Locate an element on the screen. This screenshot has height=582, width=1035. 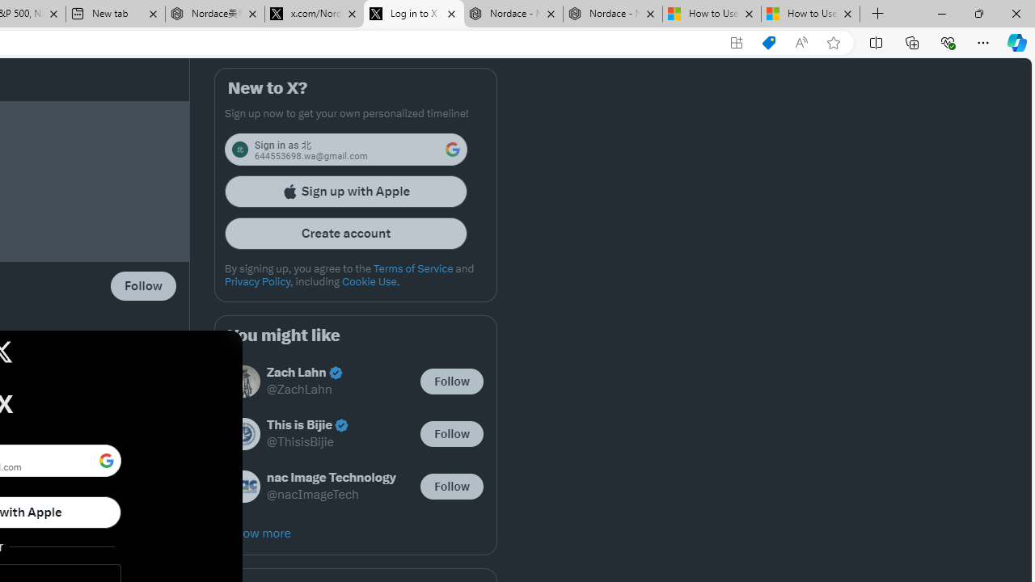
'New tab' is located at coordinates (114, 14).